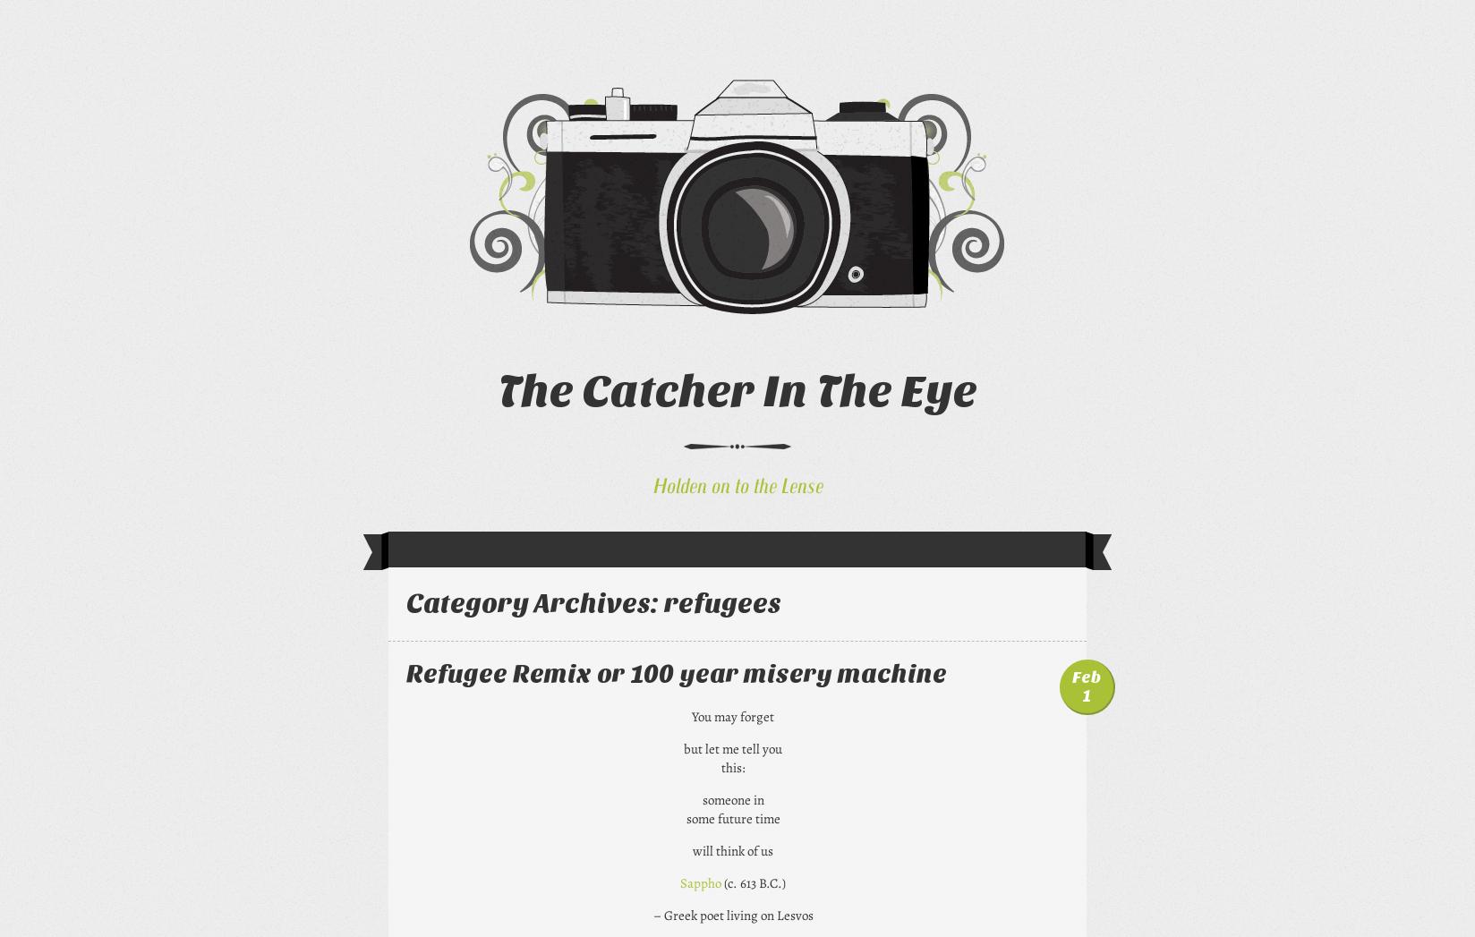 Image resolution: width=1475 pixels, height=937 pixels. What do you see at coordinates (535, 601) in the screenshot?
I see `'Category Archives:'` at bounding box center [535, 601].